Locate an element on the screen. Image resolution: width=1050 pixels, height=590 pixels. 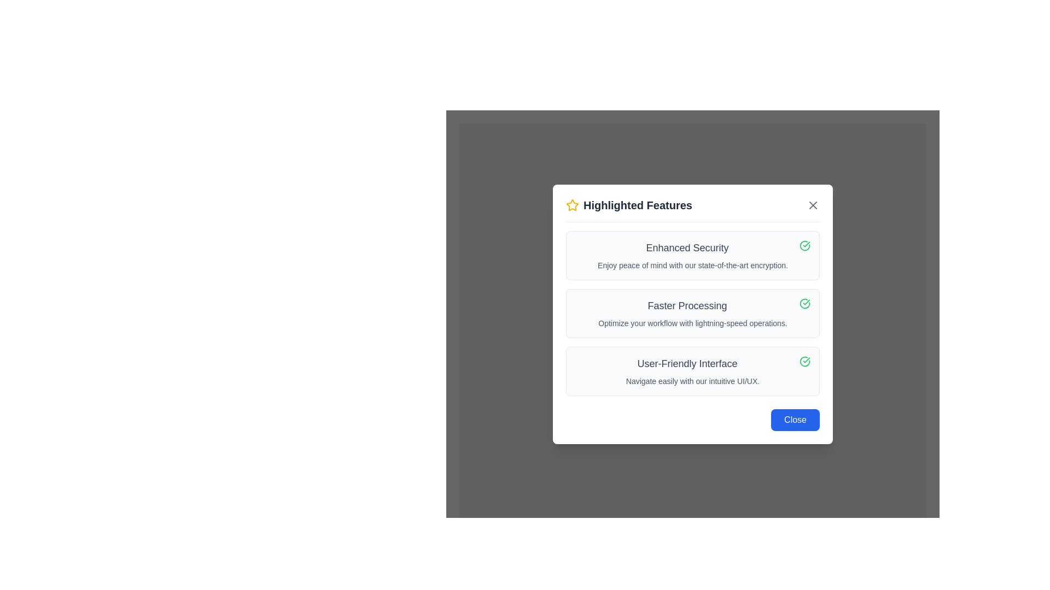
the static text that reads 'Navigate easily with our intuitive UI/UX', which is underlined and positioned below the header 'User-Friendly Interface' is located at coordinates (692, 380).